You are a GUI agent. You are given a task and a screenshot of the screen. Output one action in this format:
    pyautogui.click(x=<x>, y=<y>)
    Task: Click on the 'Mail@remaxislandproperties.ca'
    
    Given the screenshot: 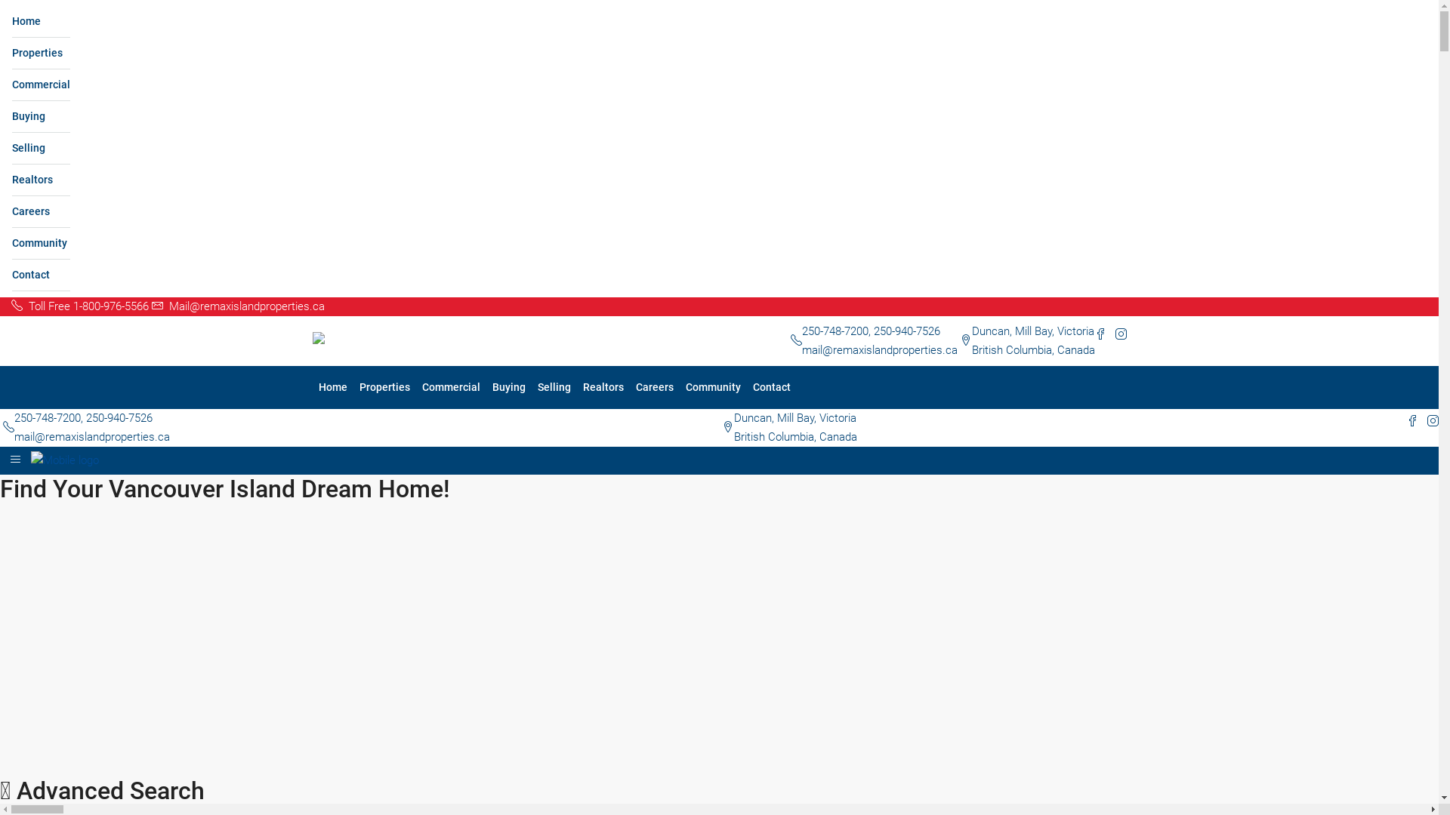 What is the action you would take?
    pyautogui.click(x=237, y=306)
    